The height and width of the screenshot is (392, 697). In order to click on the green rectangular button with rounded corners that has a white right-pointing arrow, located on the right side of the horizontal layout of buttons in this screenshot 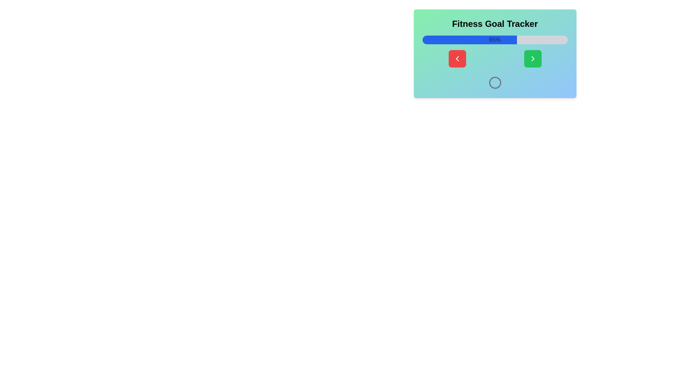, I will do `click(533, 58)`.